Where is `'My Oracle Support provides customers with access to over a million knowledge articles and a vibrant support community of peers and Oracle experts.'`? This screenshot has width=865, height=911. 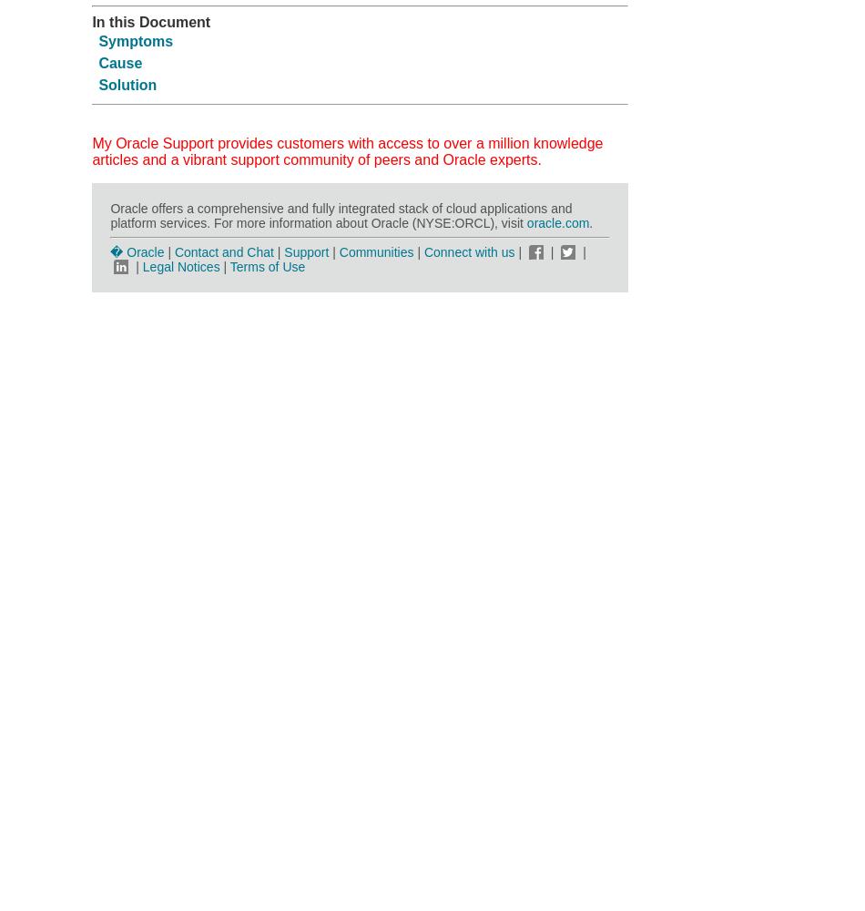 'My Oracle Support provides customers with access to over a million knowledge articles and a vibrant support community of peers and Oracle experts.' is located at coordinates (346, 150).